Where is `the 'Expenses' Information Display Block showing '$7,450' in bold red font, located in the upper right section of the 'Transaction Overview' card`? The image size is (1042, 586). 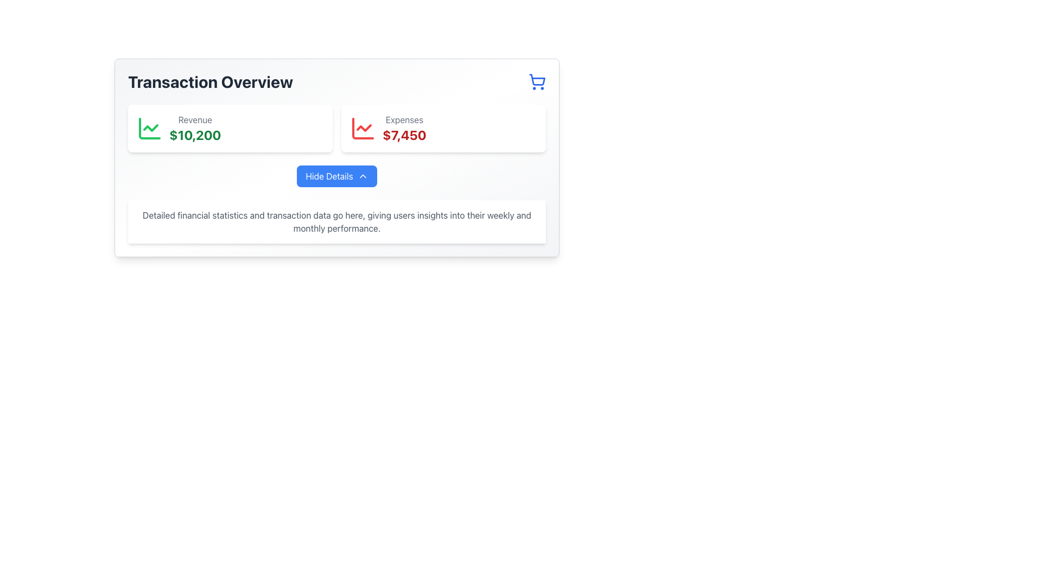 the 'Expenses' Information Display Block showing '$7,450' in bold red font, located in the upper right section of the 'Transaction Overview' card is located at coordinates (404, 128).